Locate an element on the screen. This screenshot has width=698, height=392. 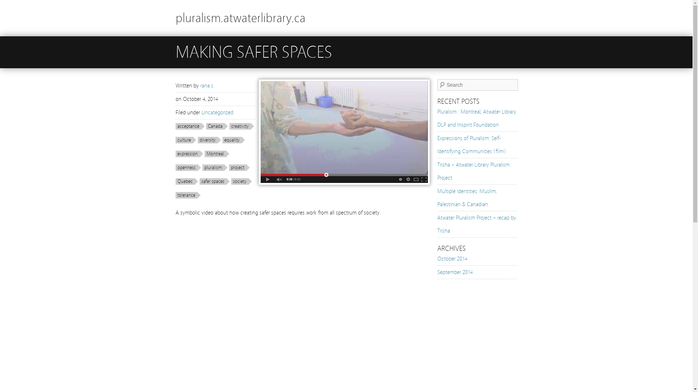
'rana s' is located at coordinates (206, 85).